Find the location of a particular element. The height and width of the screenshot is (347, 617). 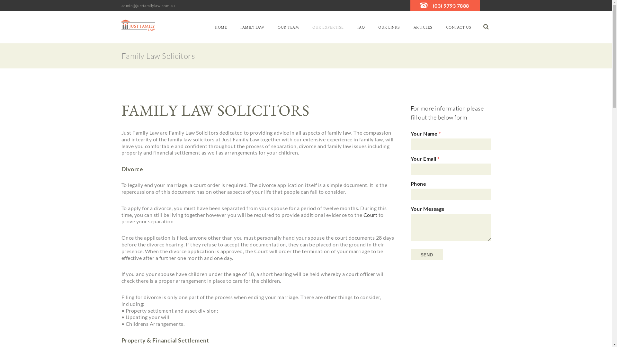

'admin@justfamilylaw.com.au' is located at coordinates (121, 5).